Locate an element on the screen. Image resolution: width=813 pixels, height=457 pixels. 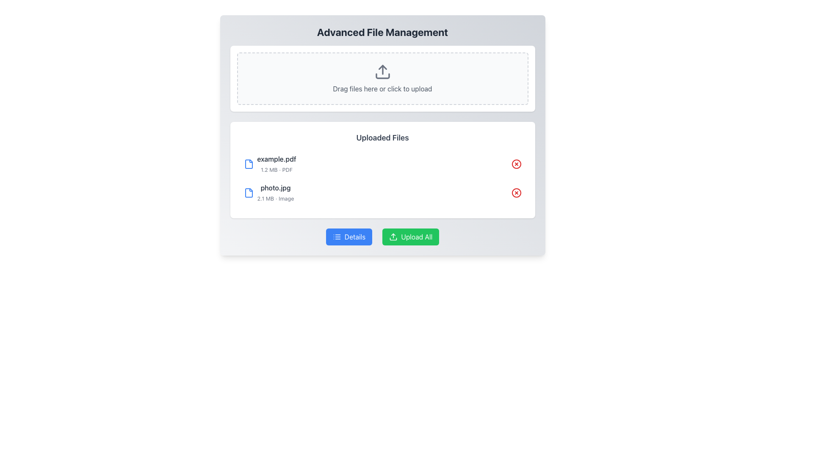
the icon representing the file 'photo.jpg' is located at coordinates (248, 193).